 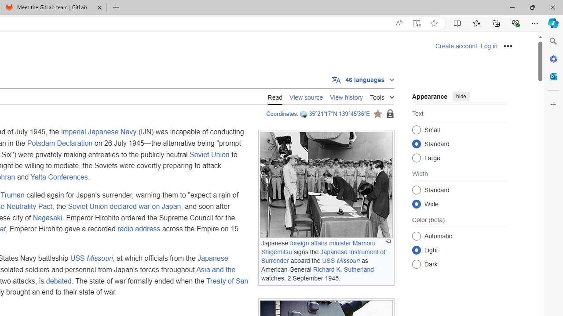 I want to click on 'Mamoru Shigemitsu', so click(x=318, y=248).